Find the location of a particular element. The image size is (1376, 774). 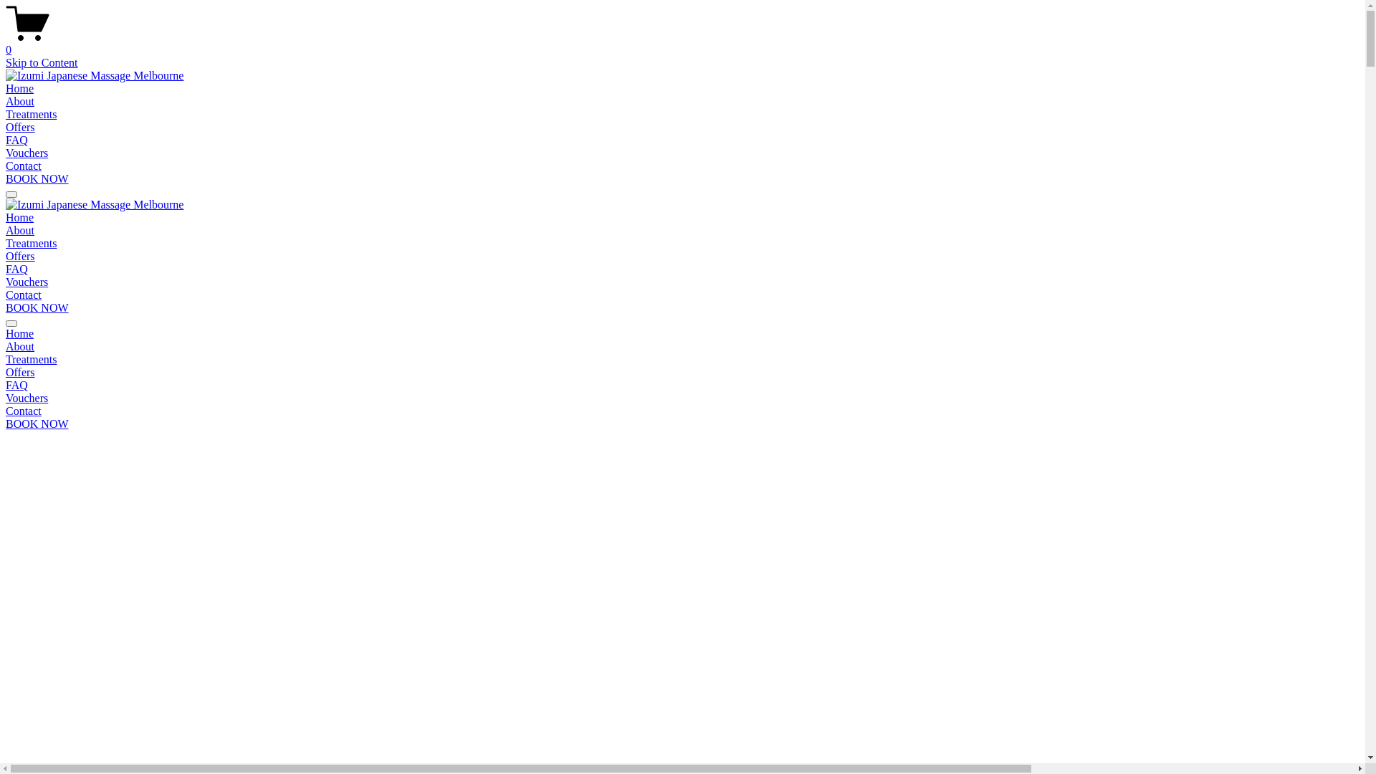

'Contact' is located at coordinates (24, 294).